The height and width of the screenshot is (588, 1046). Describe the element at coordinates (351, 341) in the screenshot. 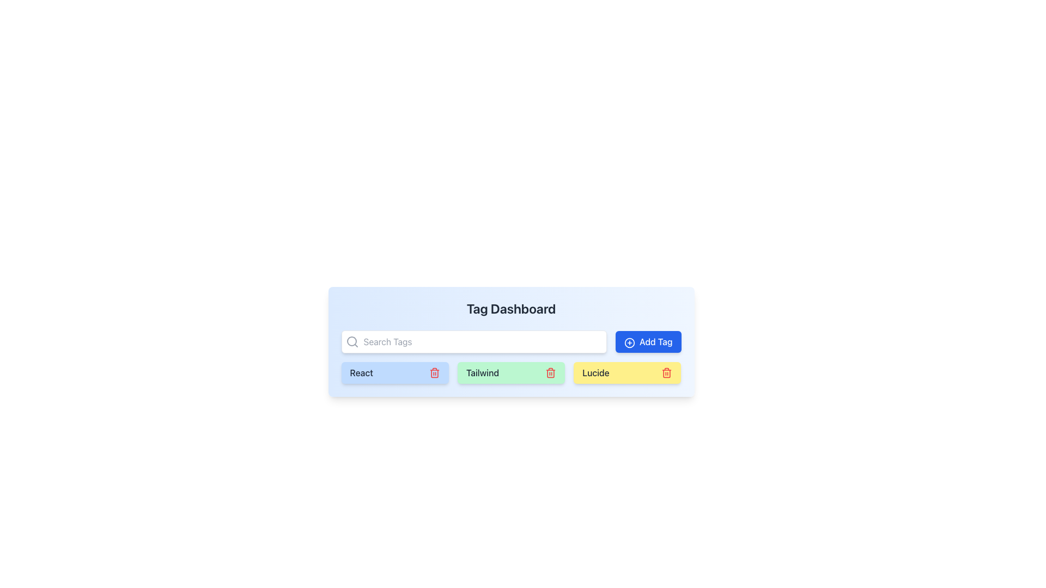

I see `the decorative SVG circle element representing a magnifying glass lens in the search bar, located at the top-left corner of the input field` at that location.